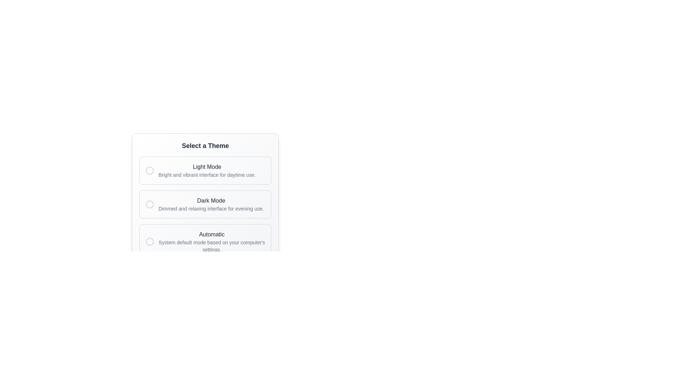 The height and width of the screenshot is (388, 690). I want to click on the 'Light Mode' text label, which features a medium font weight and vibrant color, positioned centrally in the 'Select a Theme' options panel, so click(207, 170).